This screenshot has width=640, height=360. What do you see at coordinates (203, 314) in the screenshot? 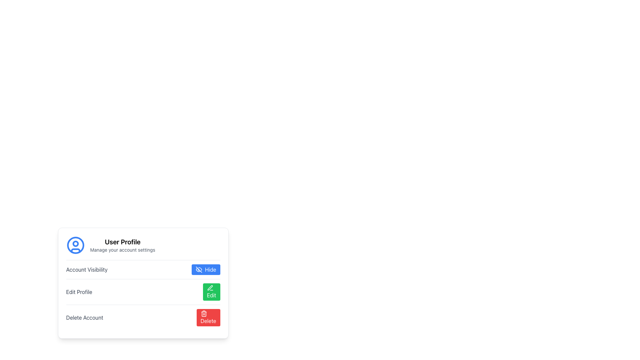
I see `the trash bin icon representing the delete action, located to the left of the 'Delete' text in the red button under the 'User Profile' section to trigger hover effects` at bounding box center [203, 314].